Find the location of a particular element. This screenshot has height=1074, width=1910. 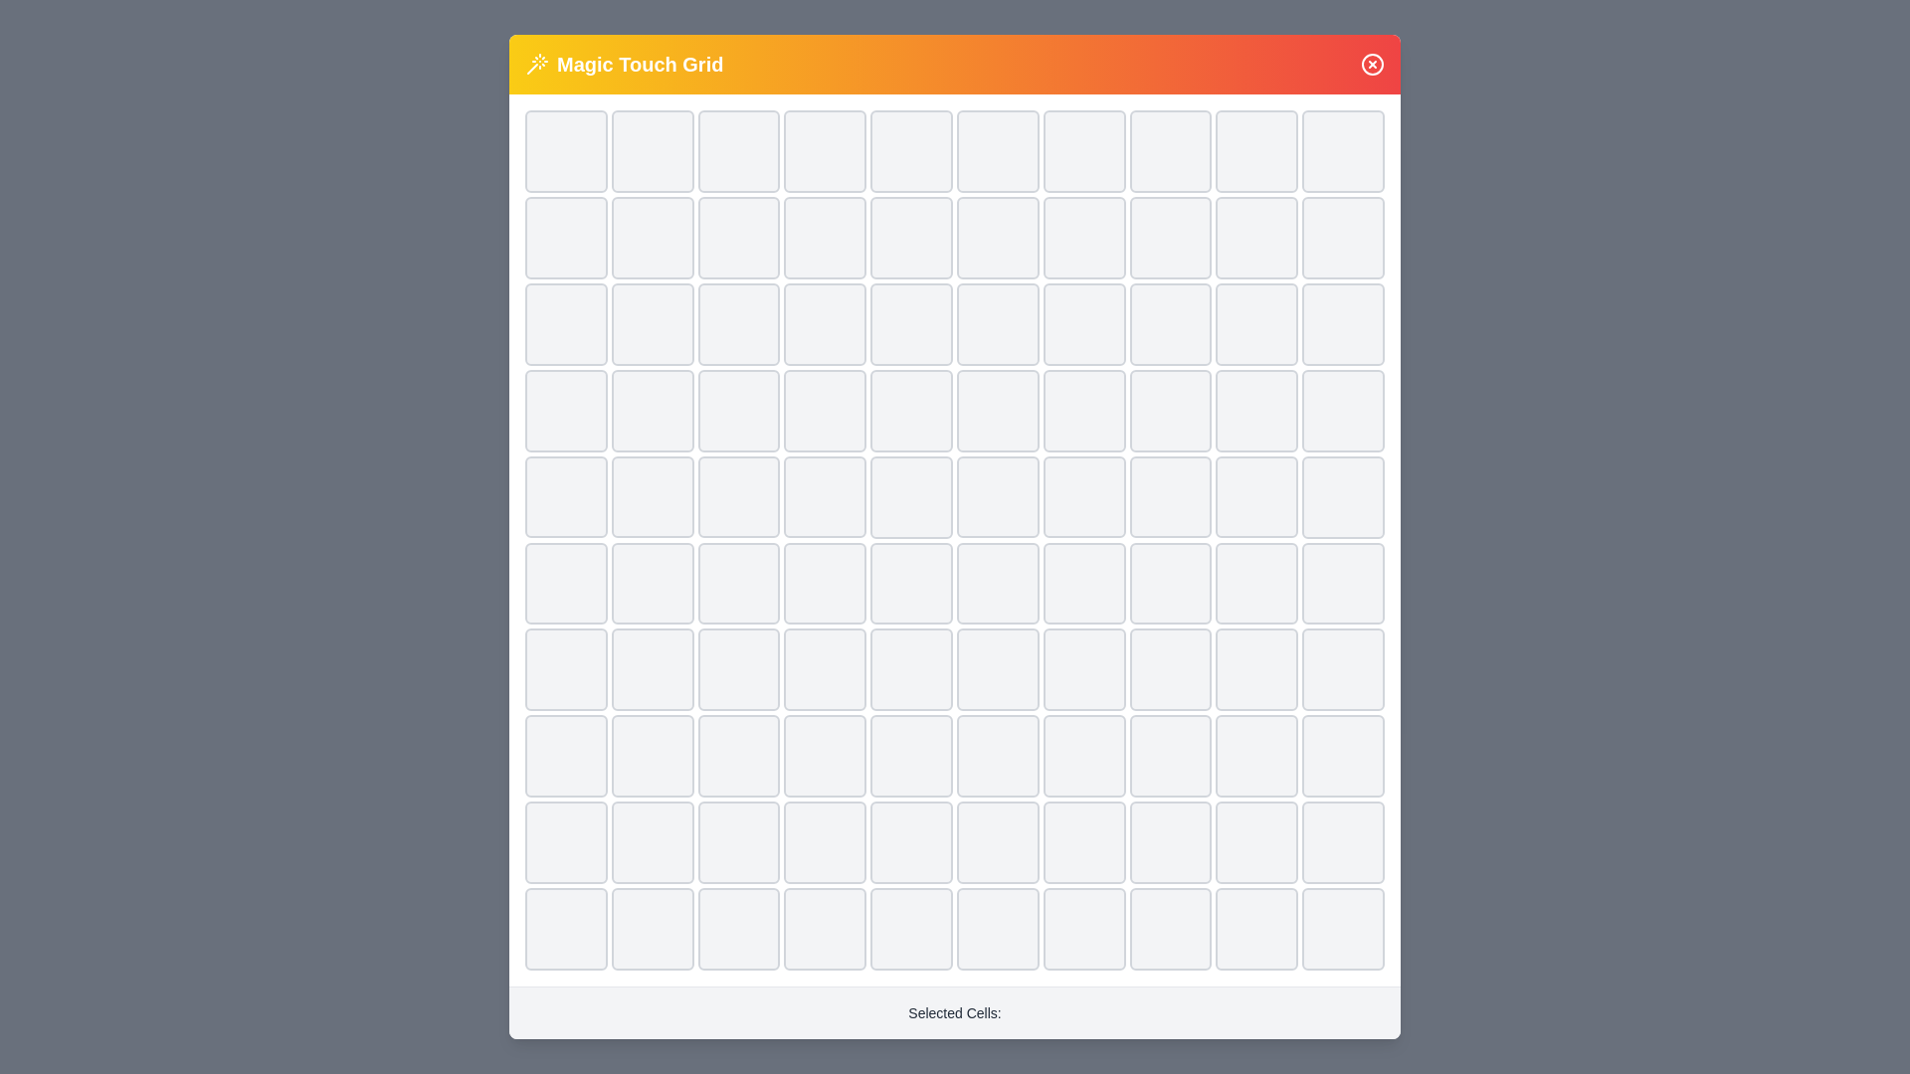

the close button in the header to close the dialog is located at coordinates (1372, 64).